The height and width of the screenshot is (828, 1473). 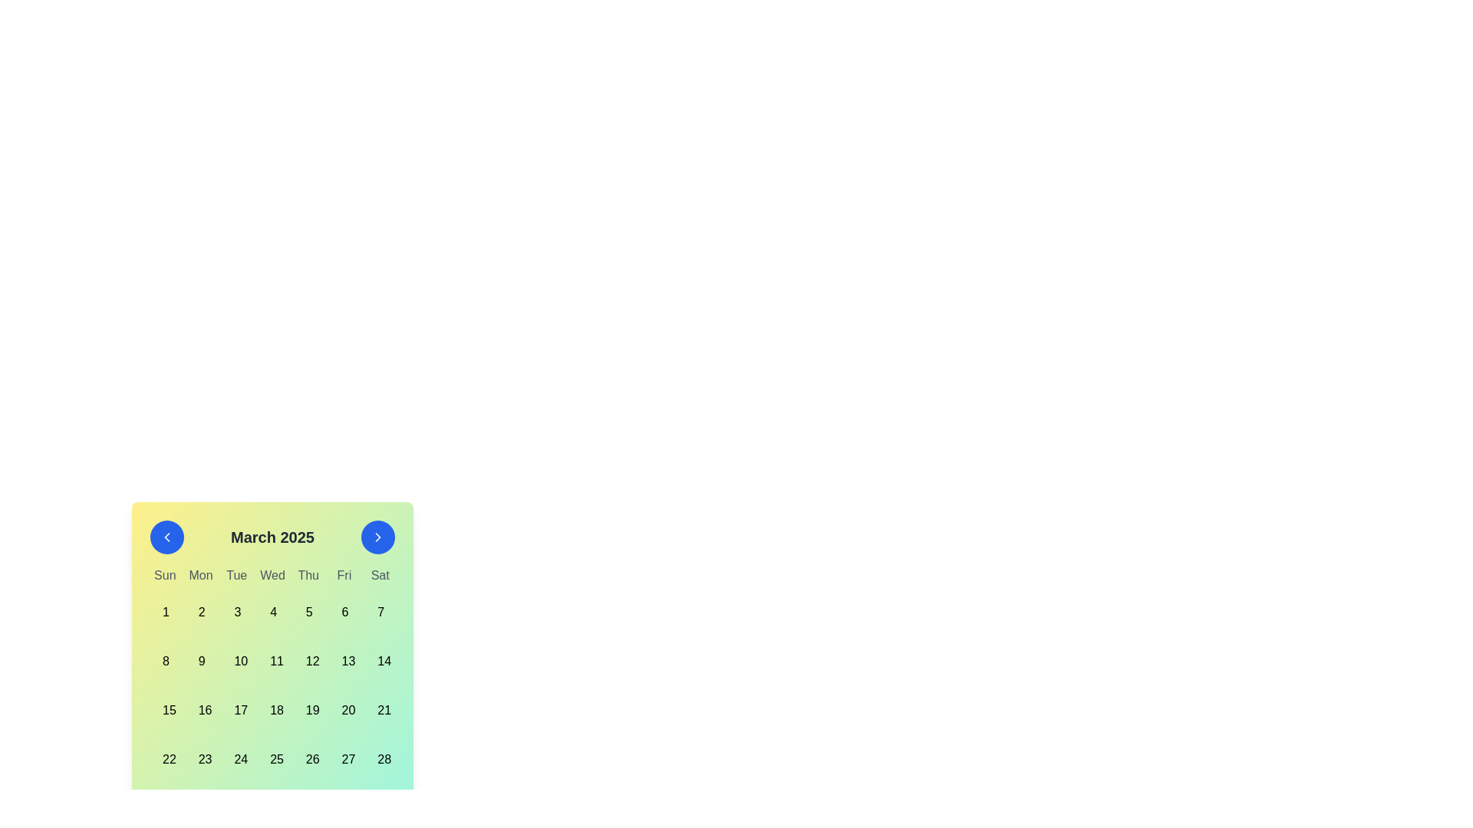 I want to click on the rounded square button labeled '13' in the calendar grid, so click(x=343, y=661).